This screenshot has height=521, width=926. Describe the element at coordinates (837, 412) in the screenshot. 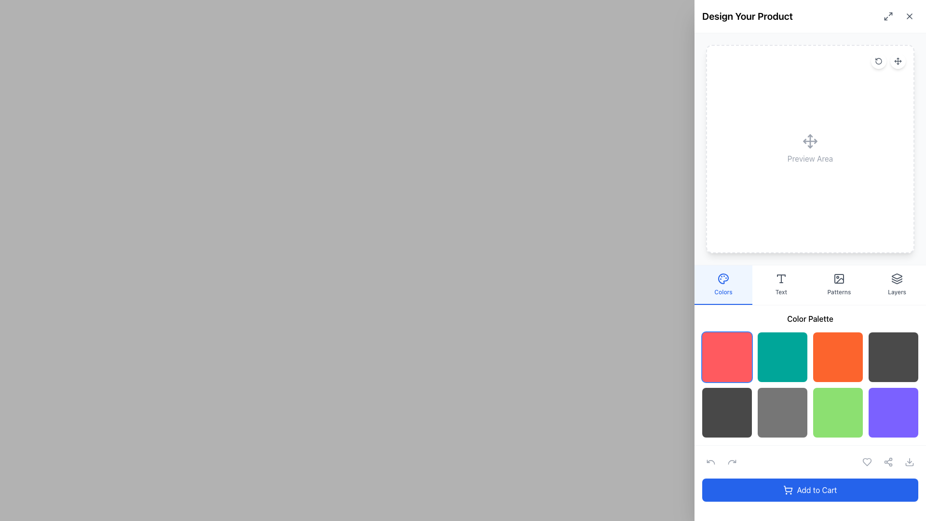

I see `the bright green color selection box with rounded corners` at that location.